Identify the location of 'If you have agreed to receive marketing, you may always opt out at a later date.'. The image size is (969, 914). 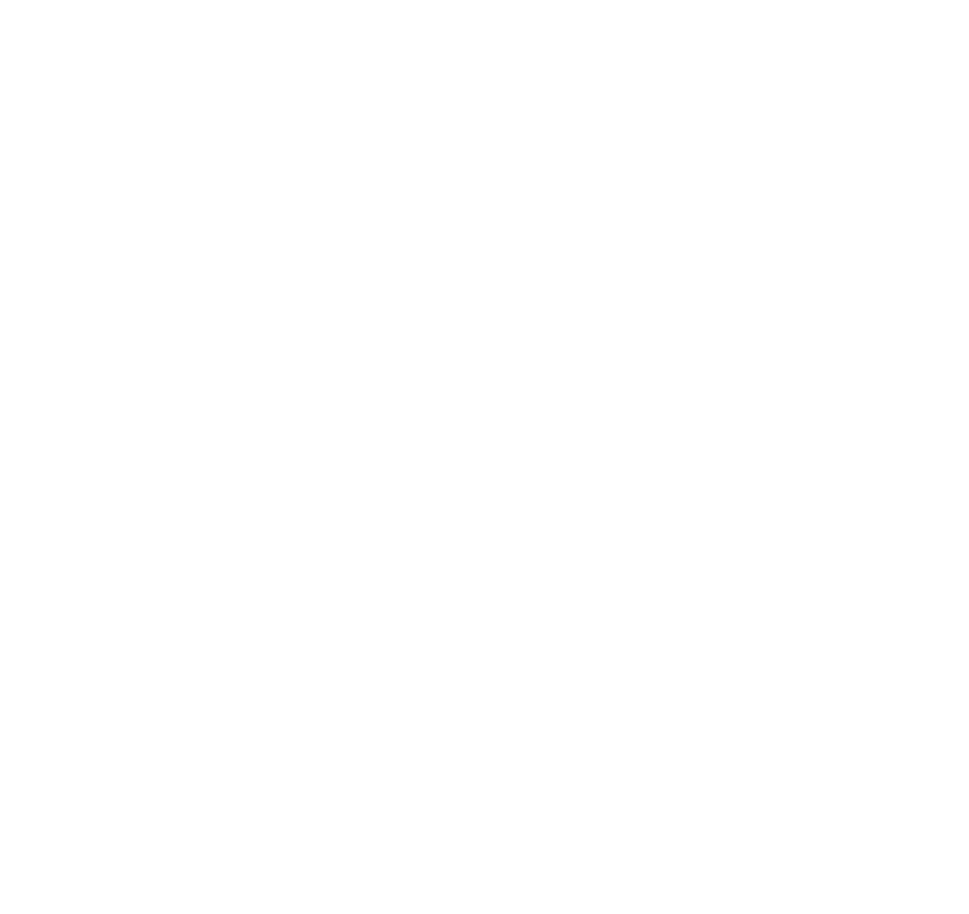
(68, 842).